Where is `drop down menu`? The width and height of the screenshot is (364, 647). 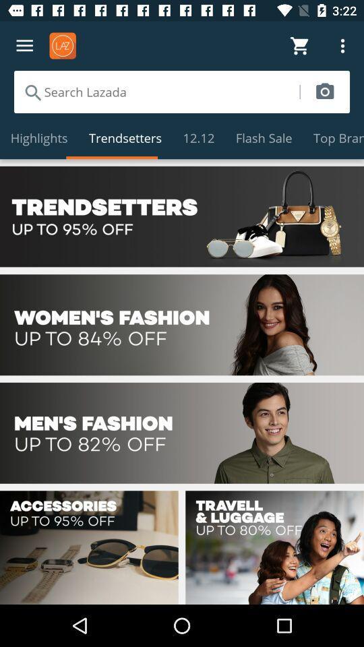
drop down menu is located at coordinates (24, 46).